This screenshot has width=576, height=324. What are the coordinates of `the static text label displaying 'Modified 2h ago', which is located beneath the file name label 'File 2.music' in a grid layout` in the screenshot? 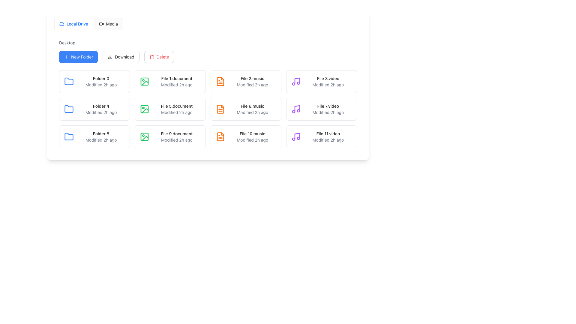 It's located at (252, 85).